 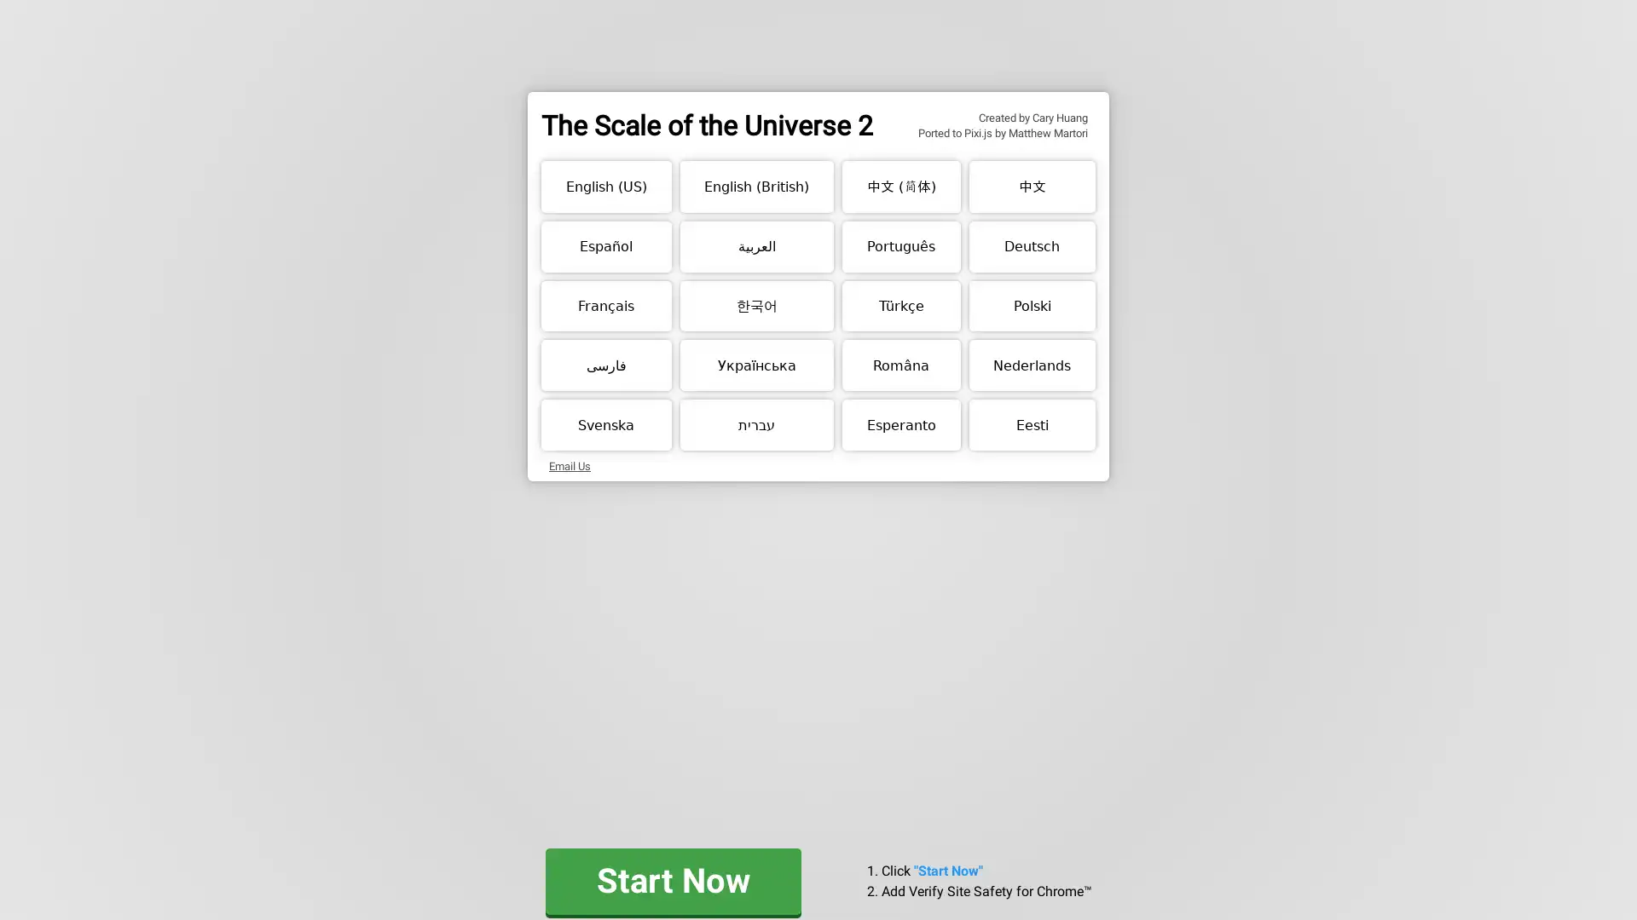 What do you see at coordinates (605, 246) in the screenshot?
I see `Espanol` at bounding box center [605, 246].